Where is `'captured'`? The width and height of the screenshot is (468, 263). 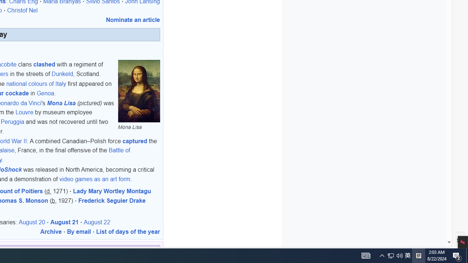 'captured' is located at coordinates (135, 141).